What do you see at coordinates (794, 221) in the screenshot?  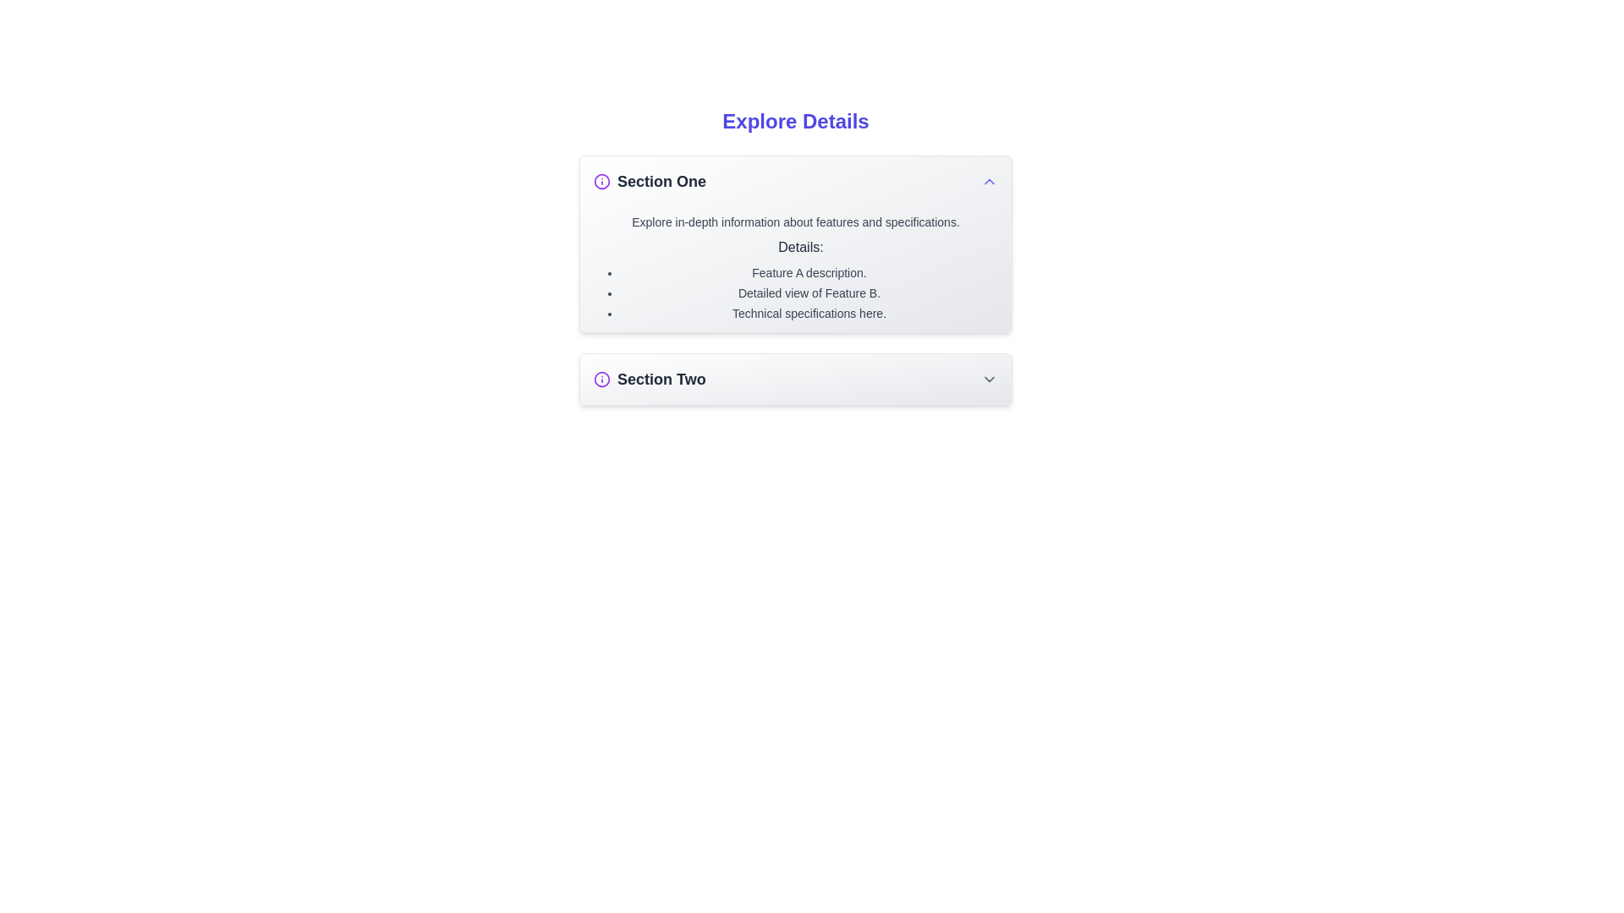 I see `the text element that reads 'Explore in-depth information about features and specifications', which is positioned directly beneath the 'Section One' heading` at bounding box center [794, 221].